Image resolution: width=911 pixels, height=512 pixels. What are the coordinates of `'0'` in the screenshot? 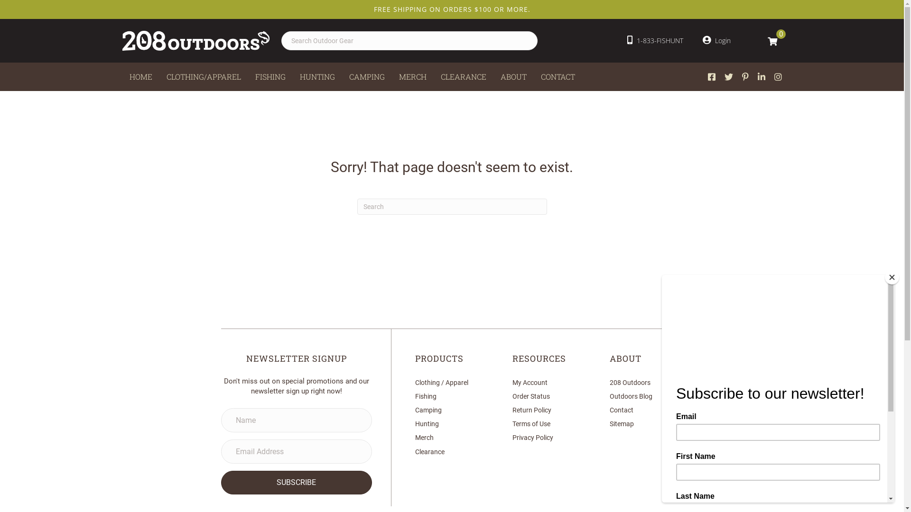 It's located at (772, 40).